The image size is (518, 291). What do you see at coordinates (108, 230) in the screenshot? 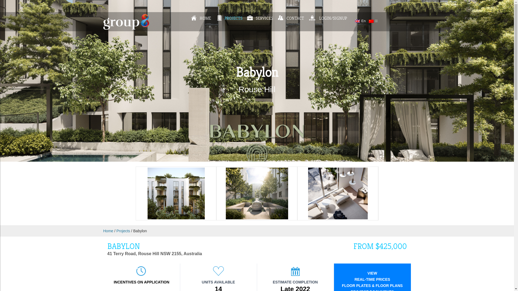
I see `'Home'` at bounding box center [108, 230].